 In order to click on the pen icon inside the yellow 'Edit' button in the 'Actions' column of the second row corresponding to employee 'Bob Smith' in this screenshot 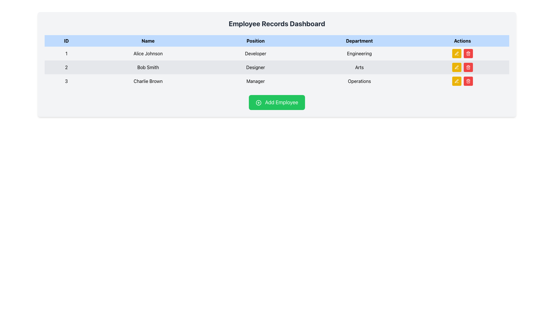, I will do `click(456, 81)`.